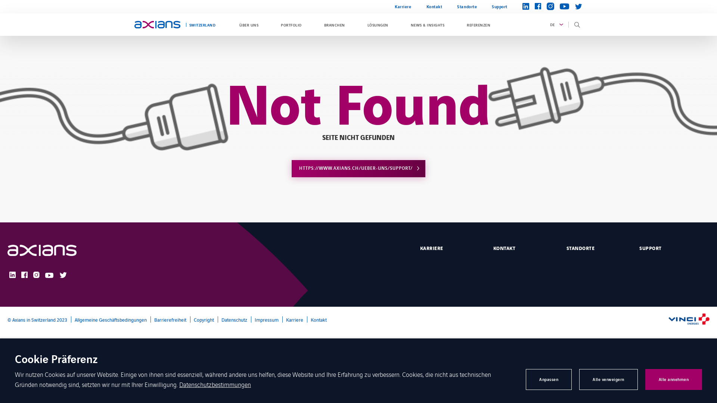 The width and height of the screenshot is (717, 403). What do you see at coordinates (597, 247) in the screenshot?
I see `'STANDORTE'` at bounding box center [597, 247].